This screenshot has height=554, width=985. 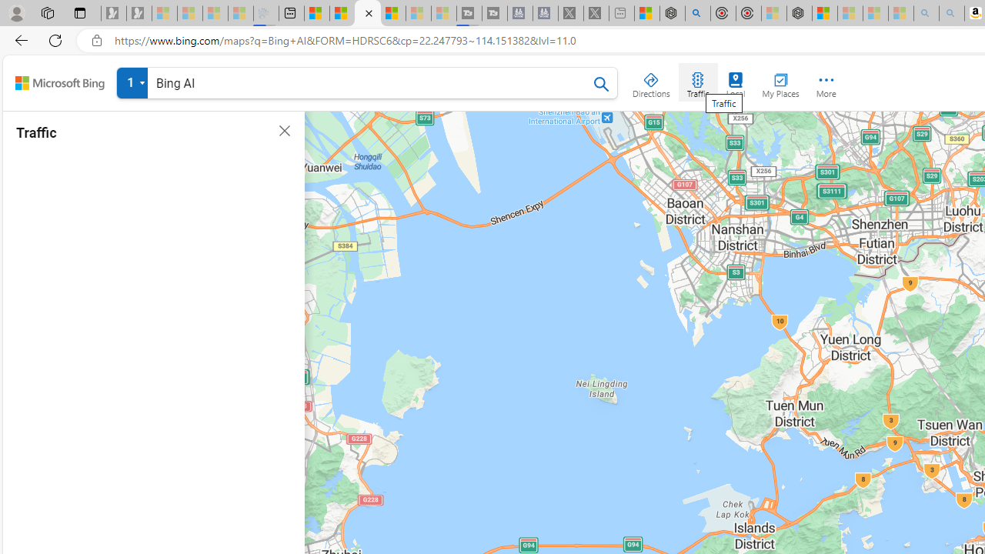 I want to click on 'Directions', so click(x=651, y=82).